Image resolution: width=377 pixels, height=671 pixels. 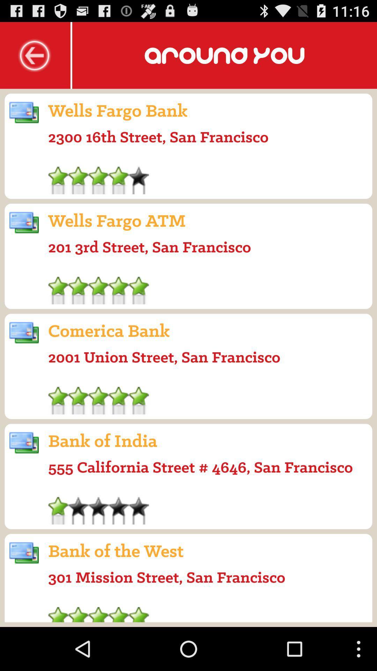 What do you see at coordinates (158, 137) in the screenshot?
I see `2300 16th street icon` at bounding box center [158, 137].